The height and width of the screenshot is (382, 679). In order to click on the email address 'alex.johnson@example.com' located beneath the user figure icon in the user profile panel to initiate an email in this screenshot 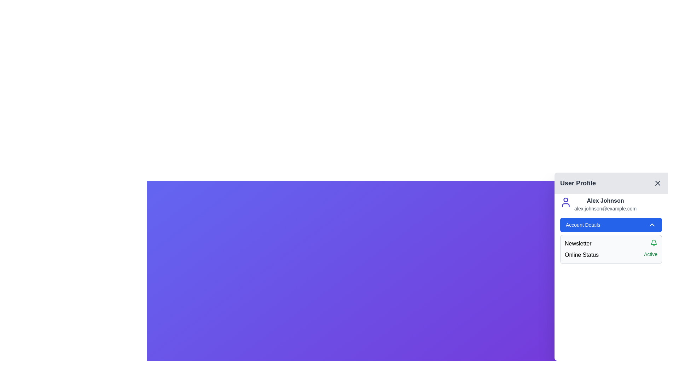, I will do `click(611, 204)`.